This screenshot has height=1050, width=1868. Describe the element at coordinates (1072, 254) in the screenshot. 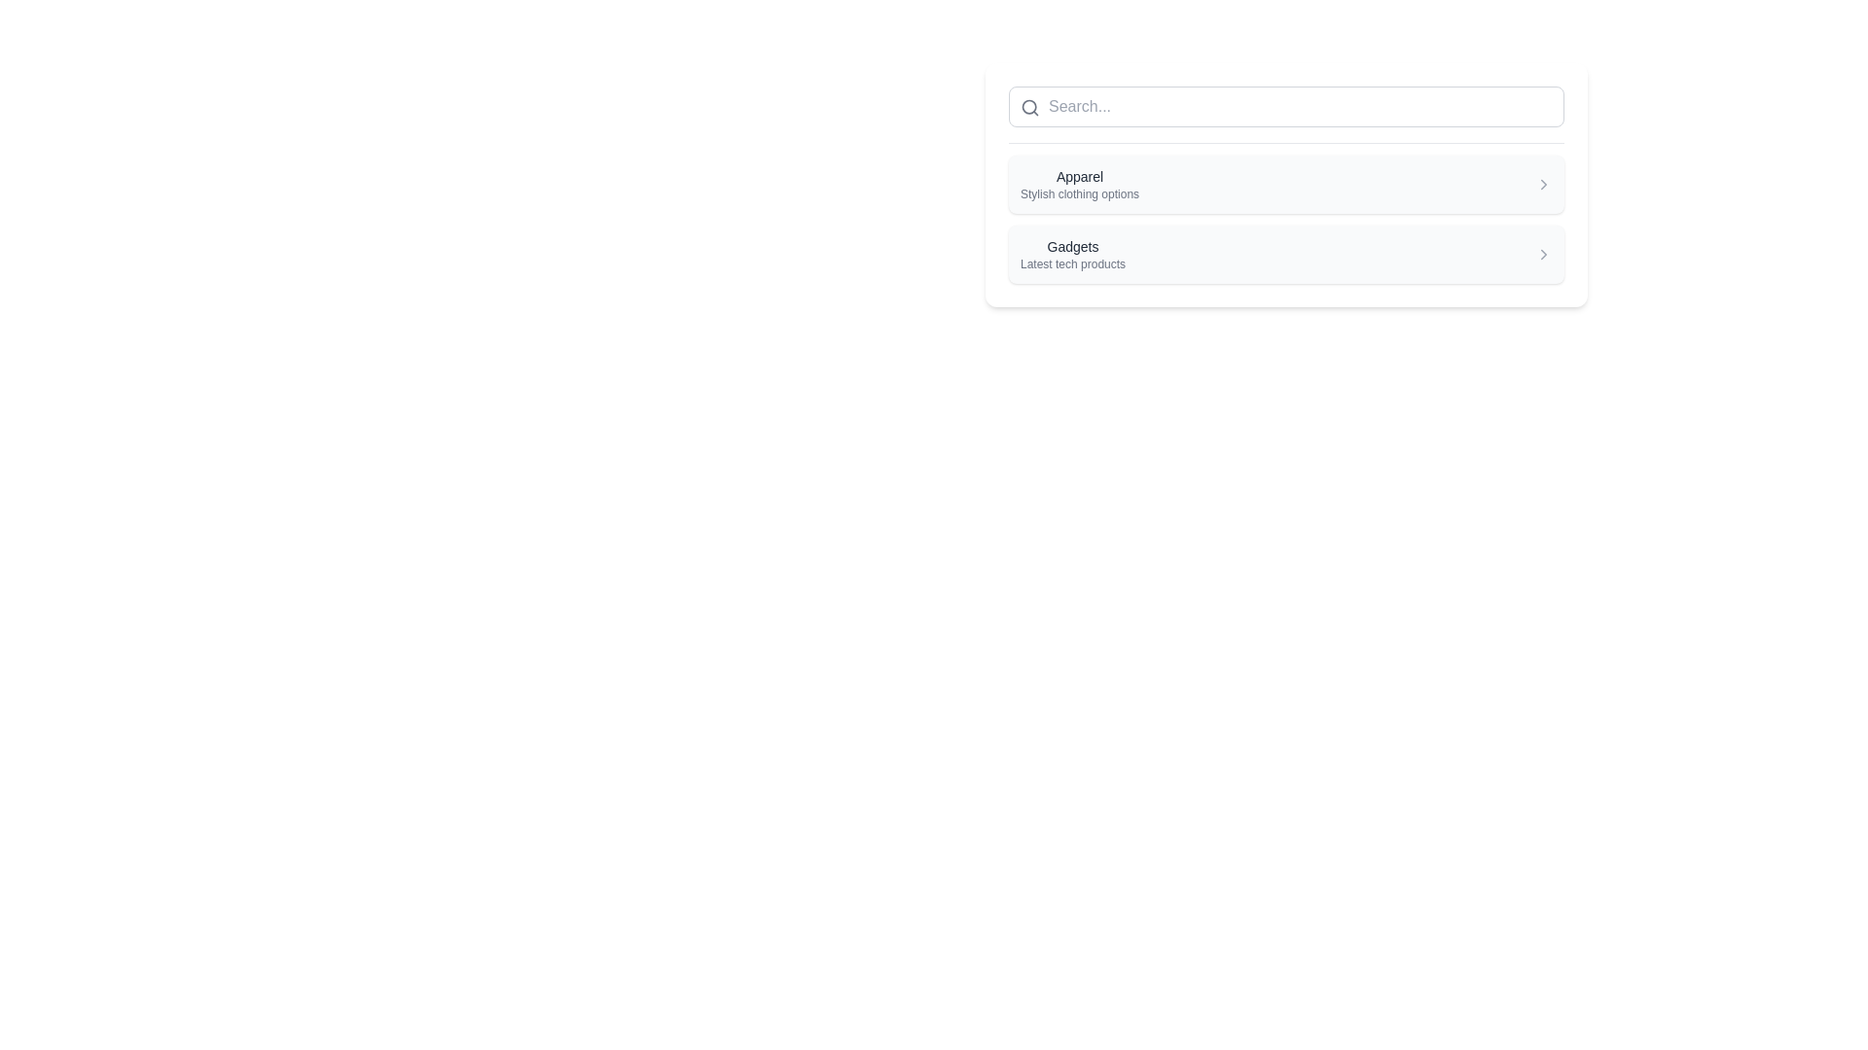

I see `the 'Gadgets' label, which is the second item in the vertically scrollable list below the search bar` at that location.